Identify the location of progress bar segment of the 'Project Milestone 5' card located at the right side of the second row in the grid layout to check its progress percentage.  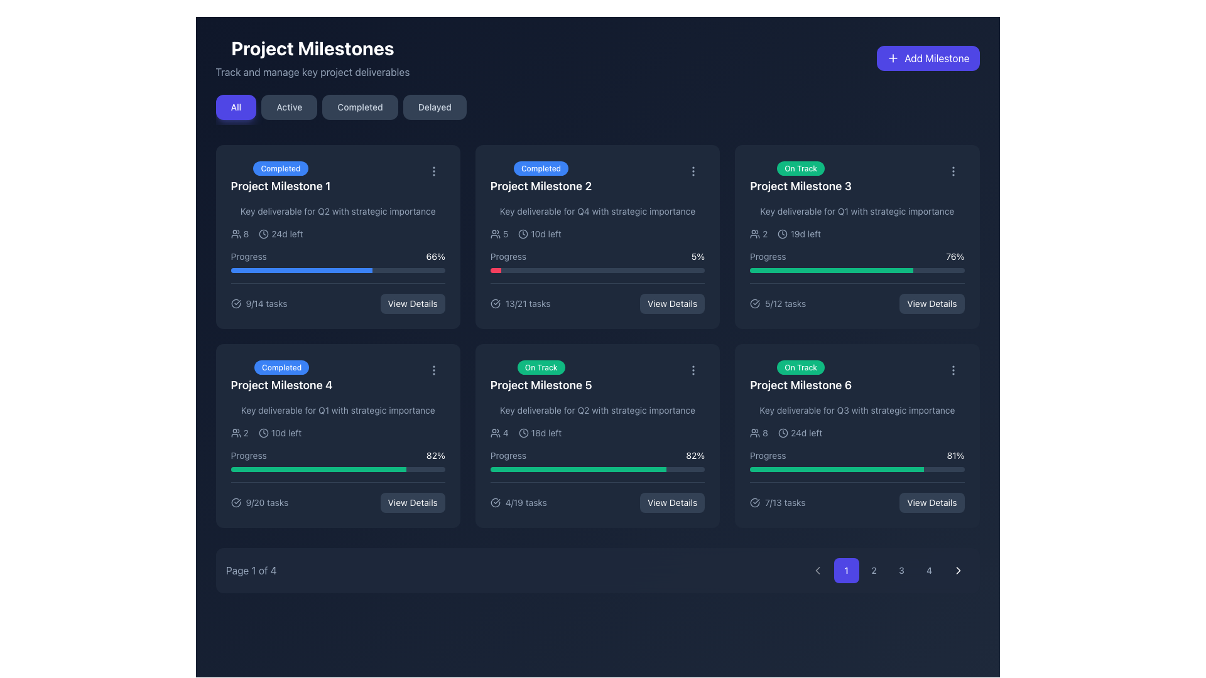
(577, 470).